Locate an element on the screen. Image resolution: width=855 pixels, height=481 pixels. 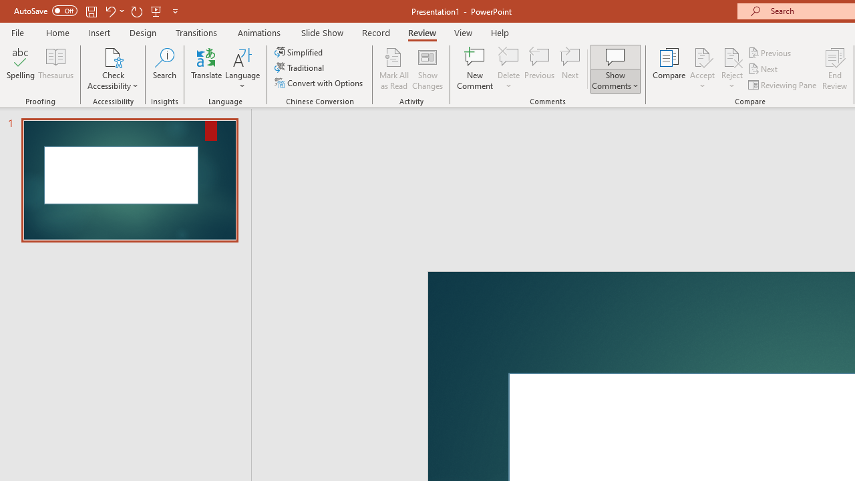
'Reject' is located at coordinates (731, 69).